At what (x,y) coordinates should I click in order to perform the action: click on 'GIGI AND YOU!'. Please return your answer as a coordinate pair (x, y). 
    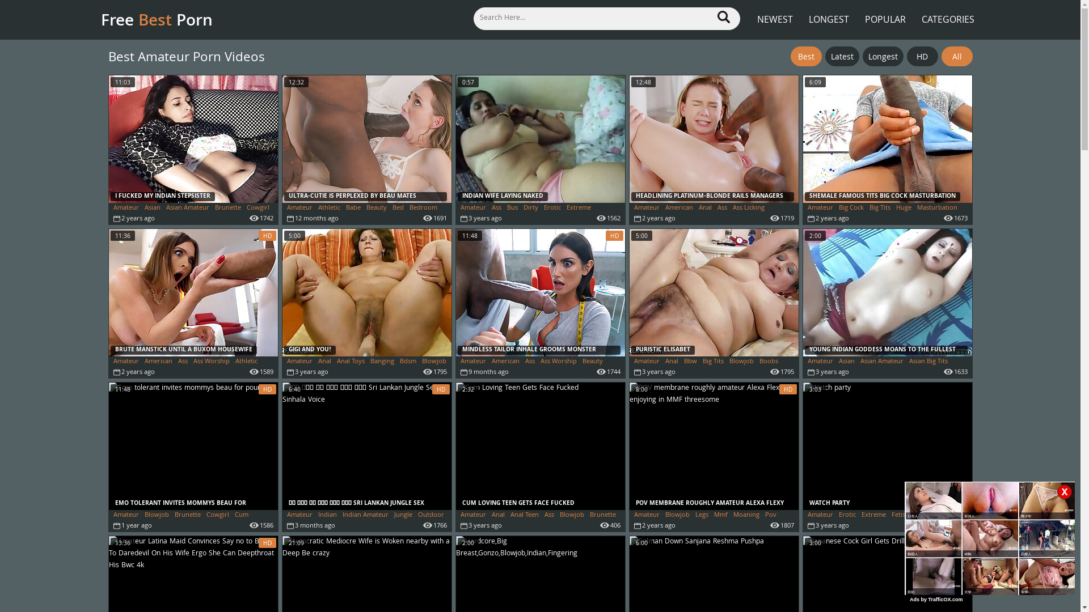
    Looking at the image, I should click on (367, 292).